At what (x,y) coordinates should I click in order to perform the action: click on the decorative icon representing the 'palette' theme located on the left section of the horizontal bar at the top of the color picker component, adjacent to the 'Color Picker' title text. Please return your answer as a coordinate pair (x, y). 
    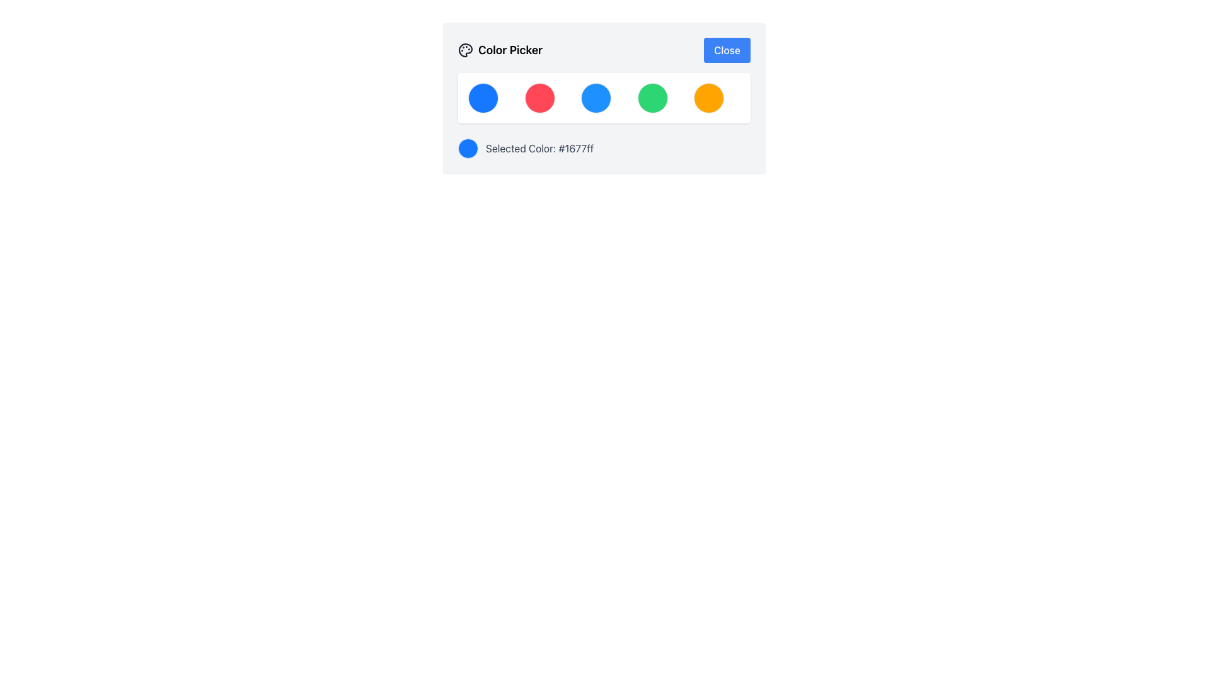
    Looking at the image, I should click on (465, 50).